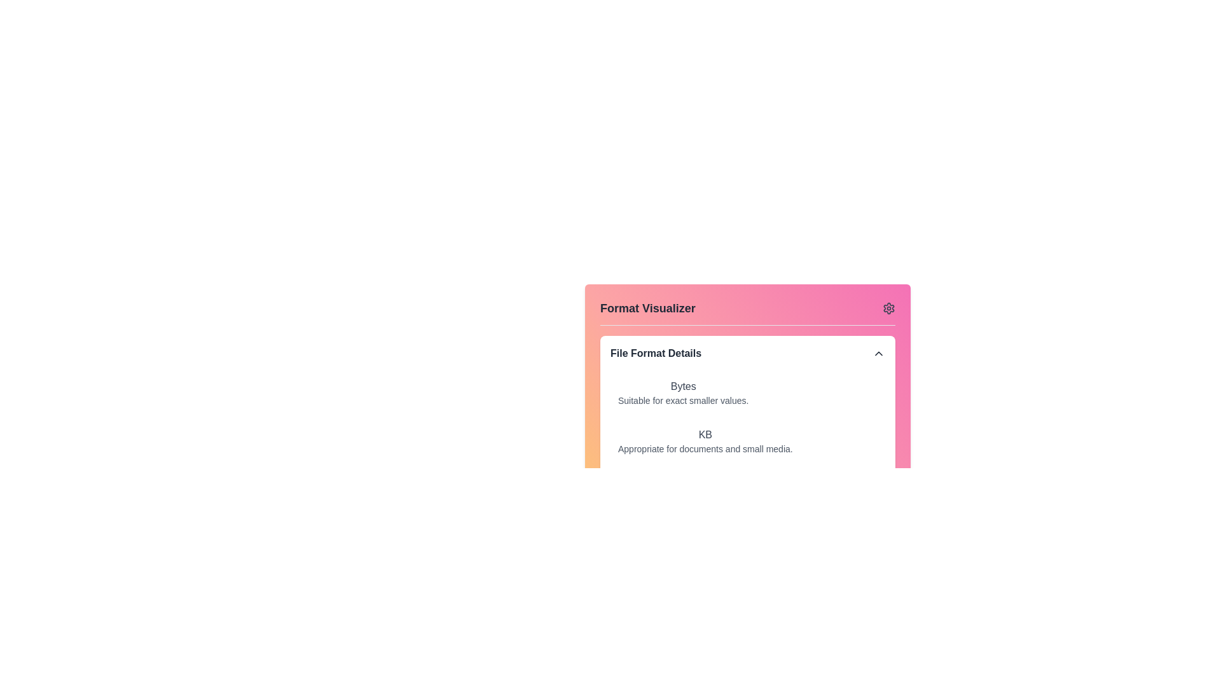 Image resolution: width=1221 pixels, height=687 pixels. I want to click on the gear icon in the top-right corner of the SVG component, so click(888, 309).